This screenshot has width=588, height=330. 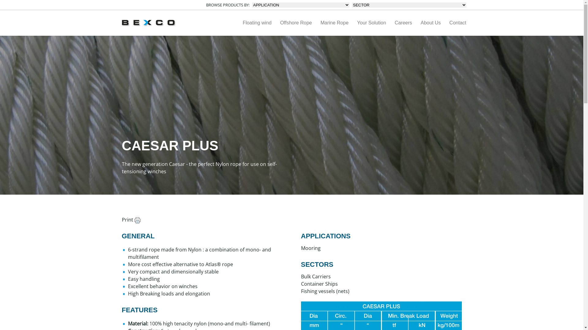 What do you see at coordinates (334, 22) in the screenshot?
I see `'Marine Rope'` at bounding box center [334, 22].